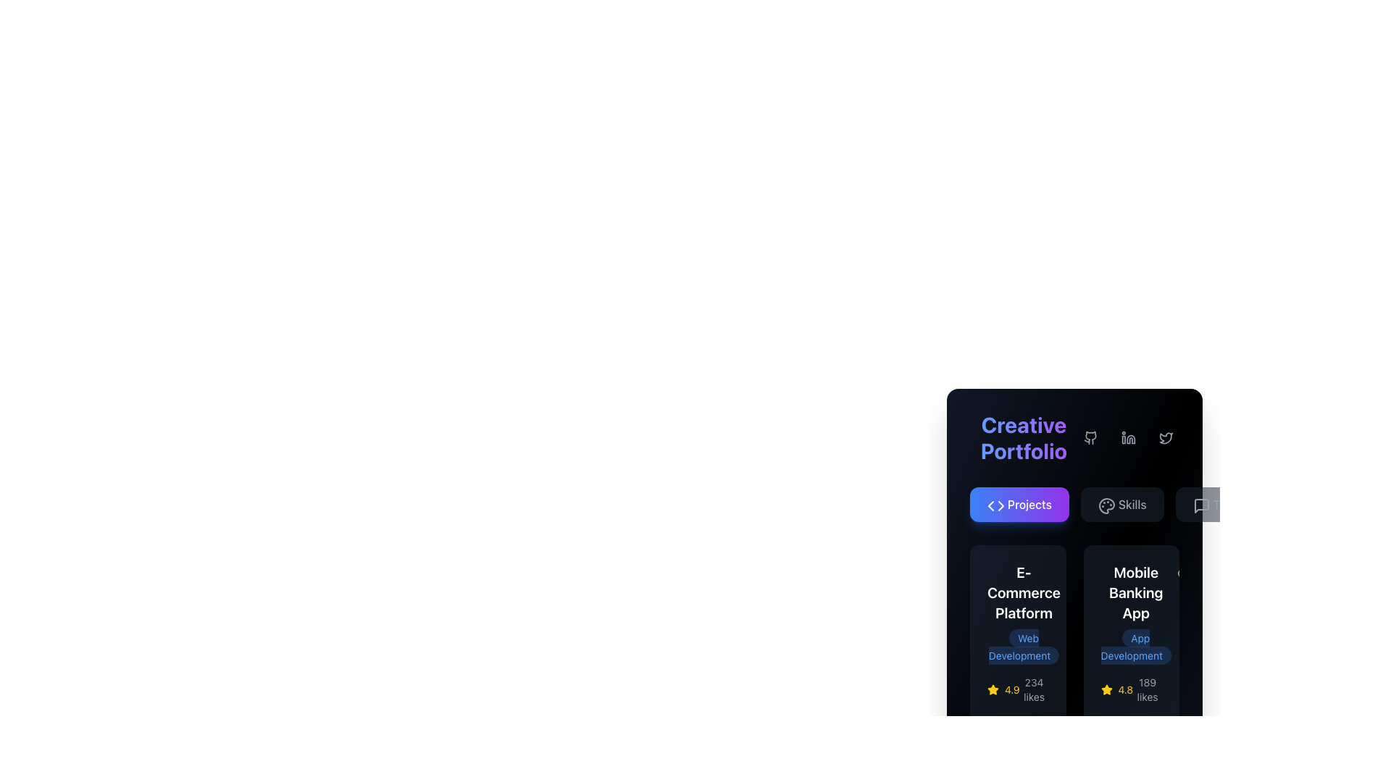 The height and width of the screenshot is (782, 1391). What do you see at coordinates (1033, 689) in the screenshot?
I see `the label displaying the number of likes for the 'E-Commerce Platform' project, located at the bottom-right corner of the card layout beneath the yellow star icon and the rating text '4.9'` at bounding box center [1033, 689].